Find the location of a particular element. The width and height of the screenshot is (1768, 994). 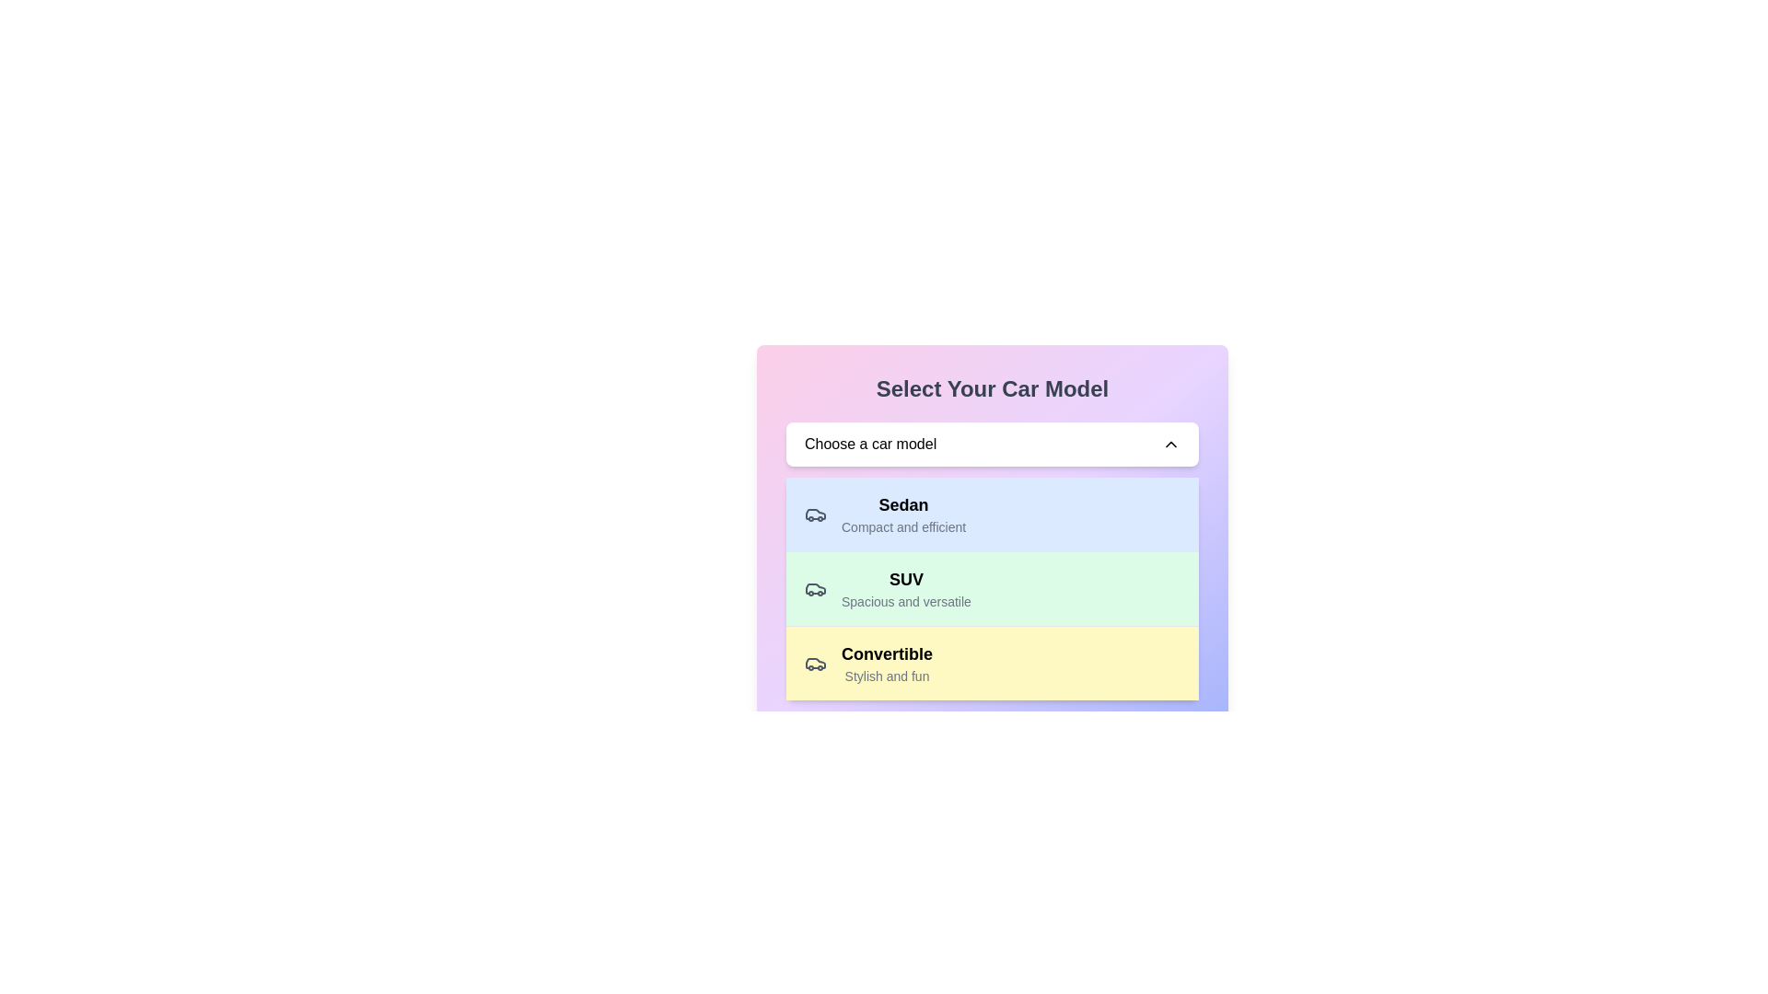

the 'Sedan' menu item, which is the topmost entry in the list of car types is located at coordinates (885, 514).